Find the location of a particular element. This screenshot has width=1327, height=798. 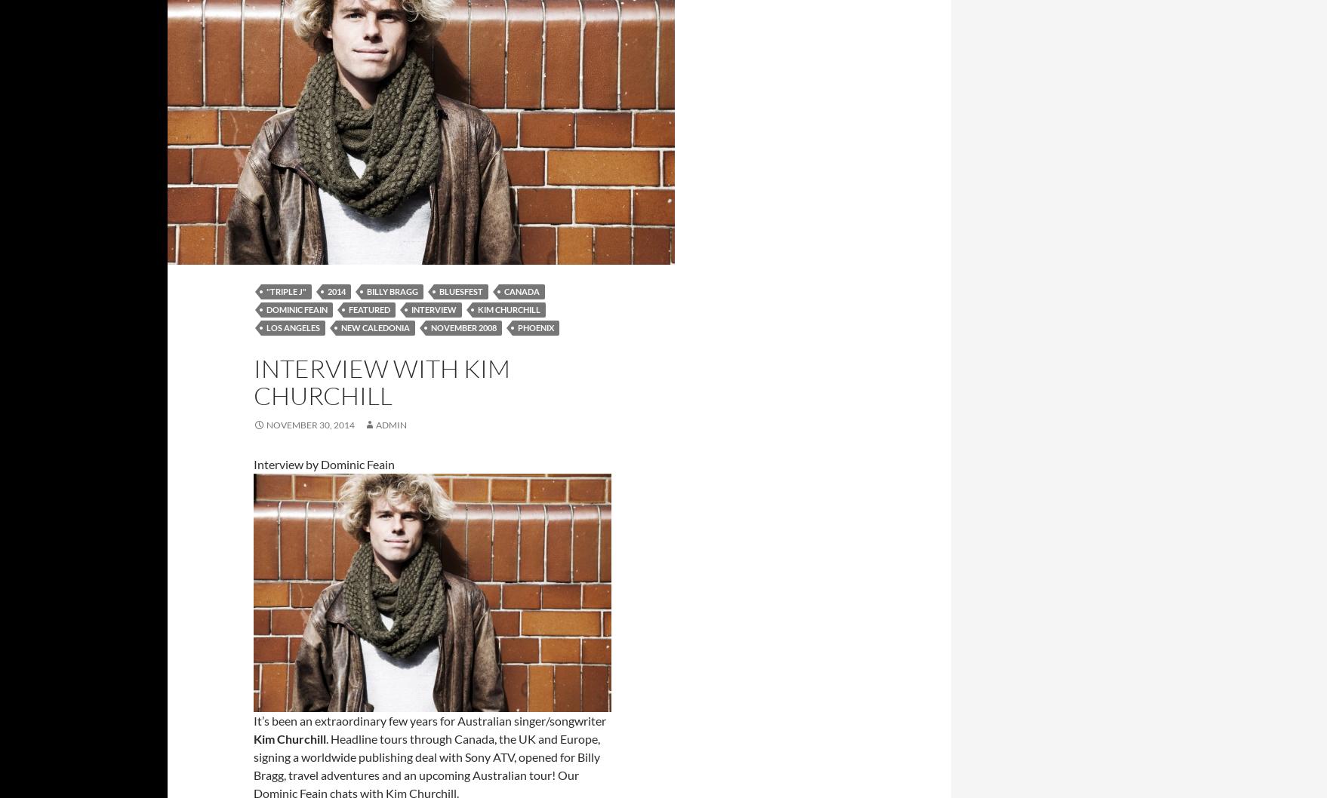

'canada' is located at coordinates (522, 291).